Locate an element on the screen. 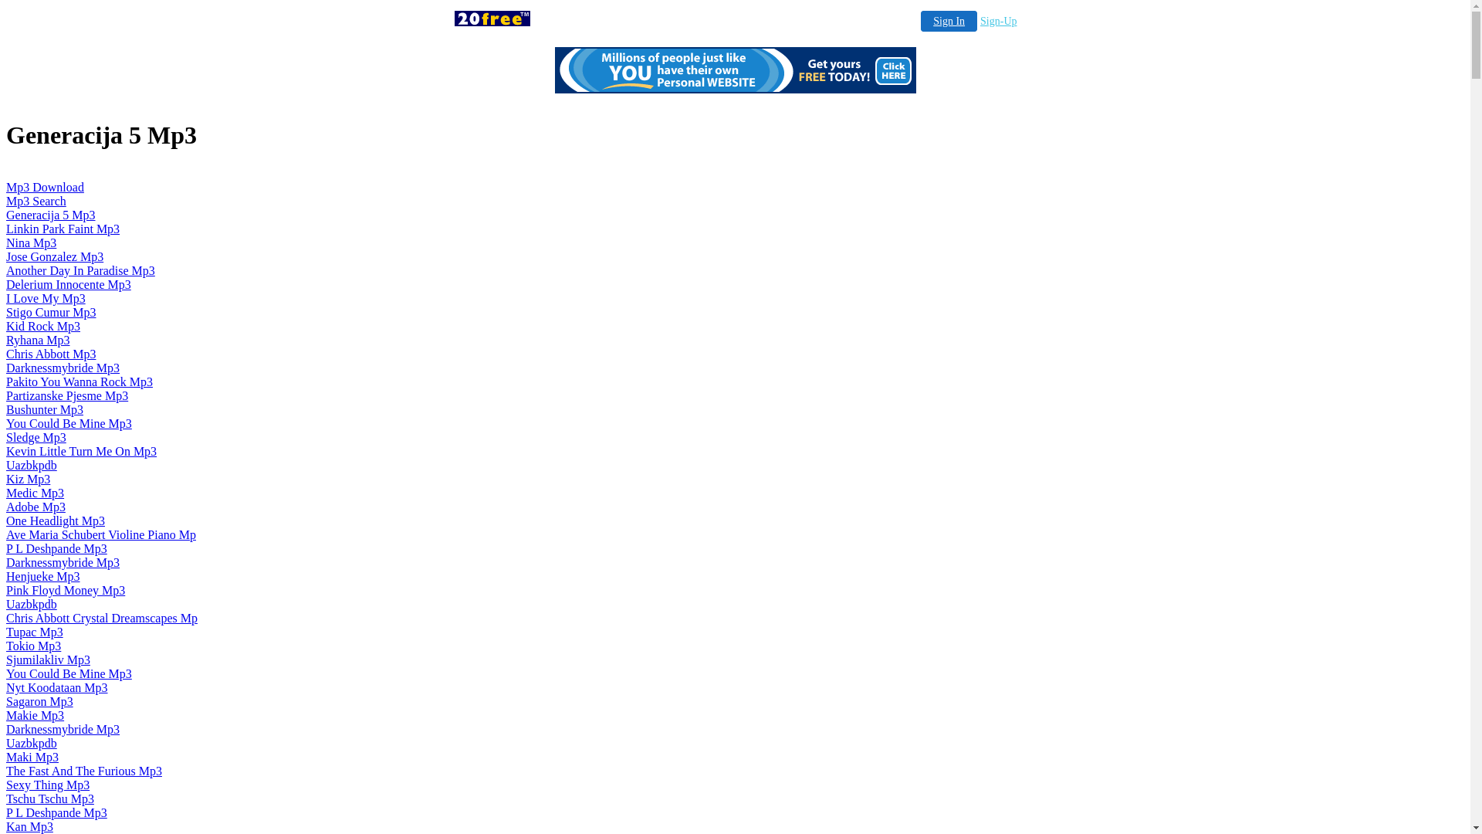  'I Love My Mp3' is located at coordinates (6, 298).